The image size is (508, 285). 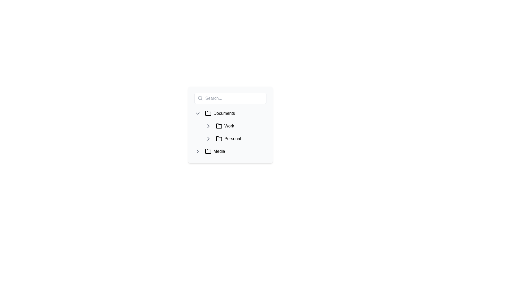 What do you see at coordinates (208, 151) in the screenshot?
I see `the folder icon representing the 'Media' directory in the navigation tree, located in the last row below the 'Personal' folder` at bounding box center [208, 151].